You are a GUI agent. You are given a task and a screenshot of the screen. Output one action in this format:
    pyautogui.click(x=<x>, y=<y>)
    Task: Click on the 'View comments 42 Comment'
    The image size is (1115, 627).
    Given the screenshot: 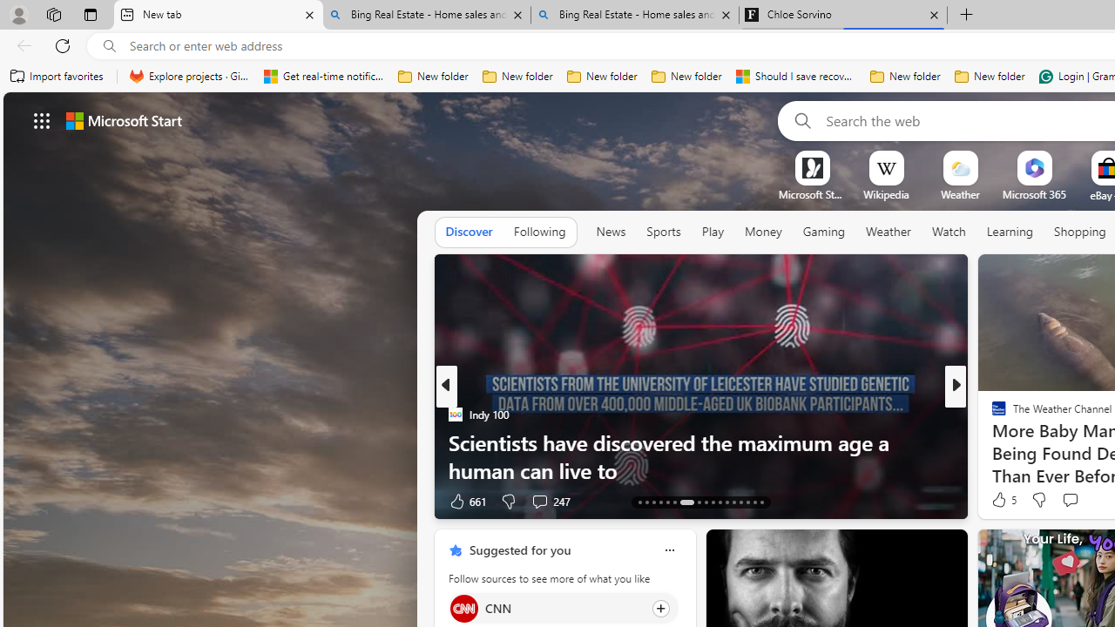 What is the action you would take?
    pyautogui.click(x=10, y=501)
    